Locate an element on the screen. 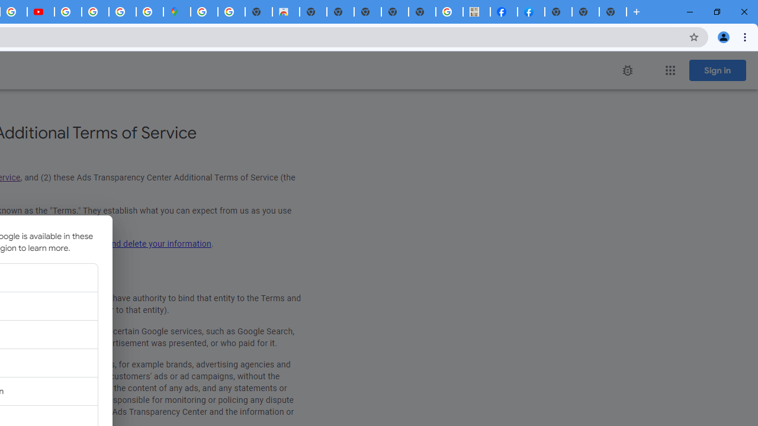 This screenshot has height=426, width=758. 'Subscriptions - YouTube' is located at coordinates (41, 12).